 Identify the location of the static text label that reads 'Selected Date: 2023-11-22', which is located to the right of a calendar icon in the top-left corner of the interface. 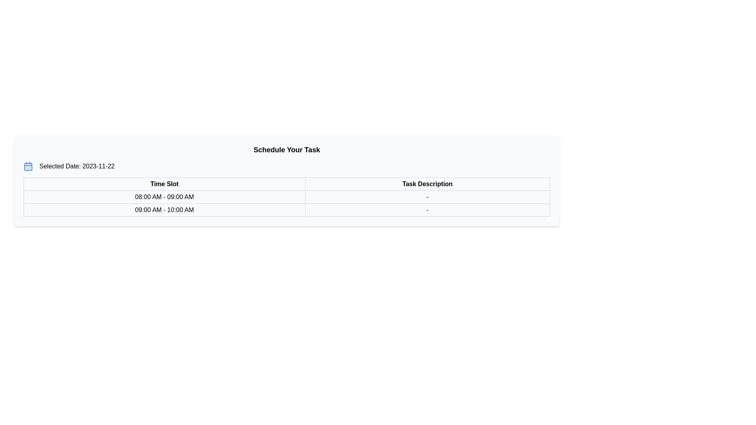
(77, 166).